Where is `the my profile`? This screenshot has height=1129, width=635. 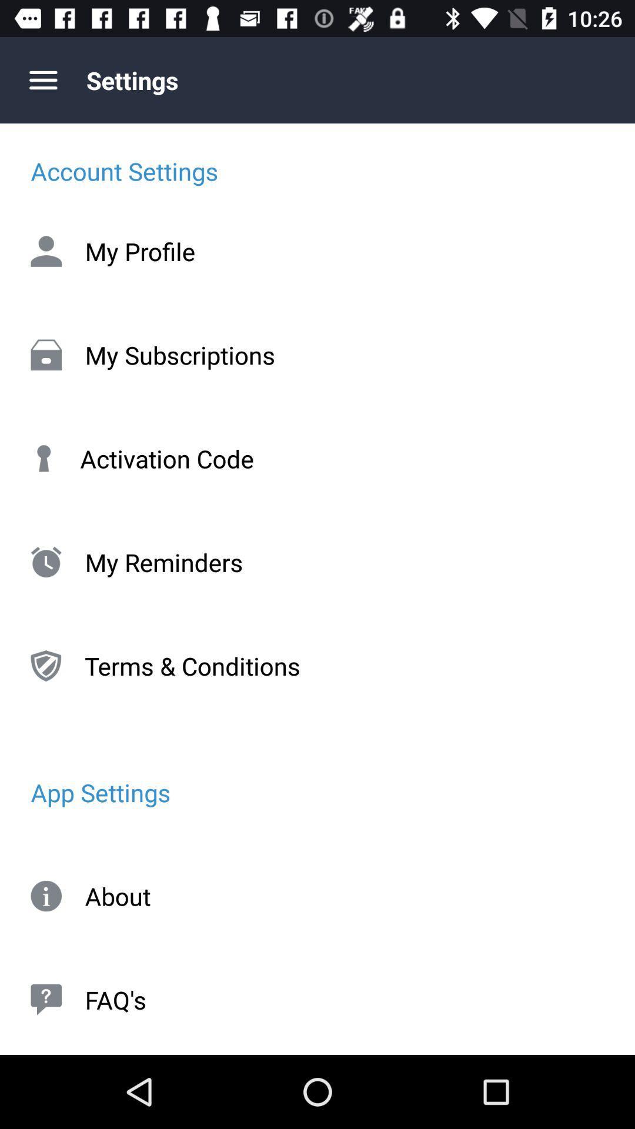
the my profile is located at coordinates (317, 250).